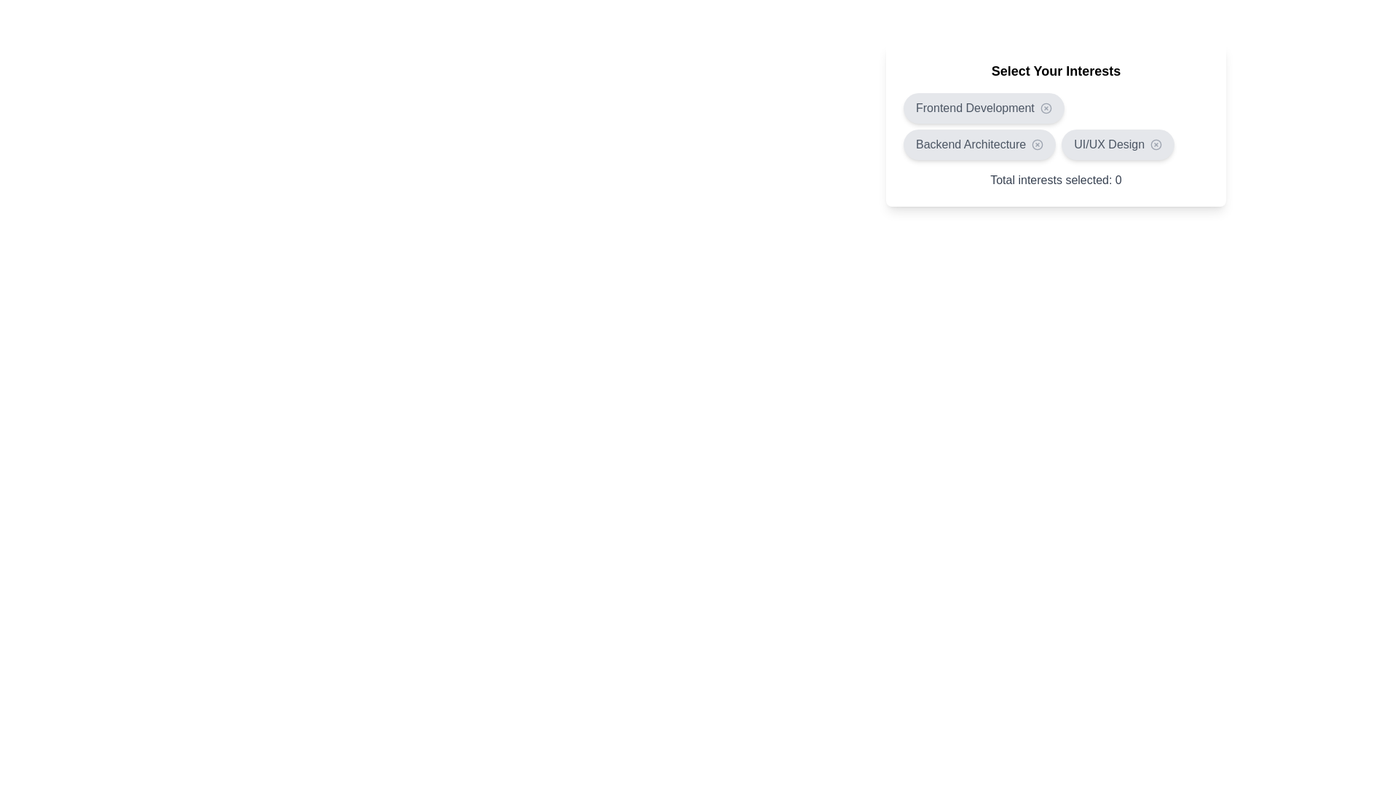 Image resolution: width=1398 pixels, height=786 pixels. I want to click on the 'X' button on the Frontend Development tag, so click(984, 108).